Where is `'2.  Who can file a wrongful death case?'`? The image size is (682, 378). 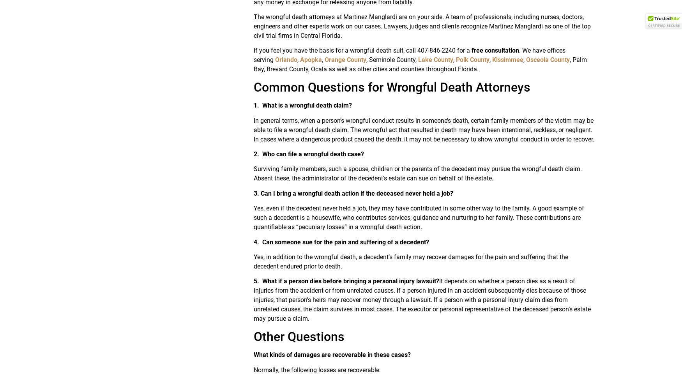
'2.  Who can file a wrongful death case?' is located at coordinates (308, 154).